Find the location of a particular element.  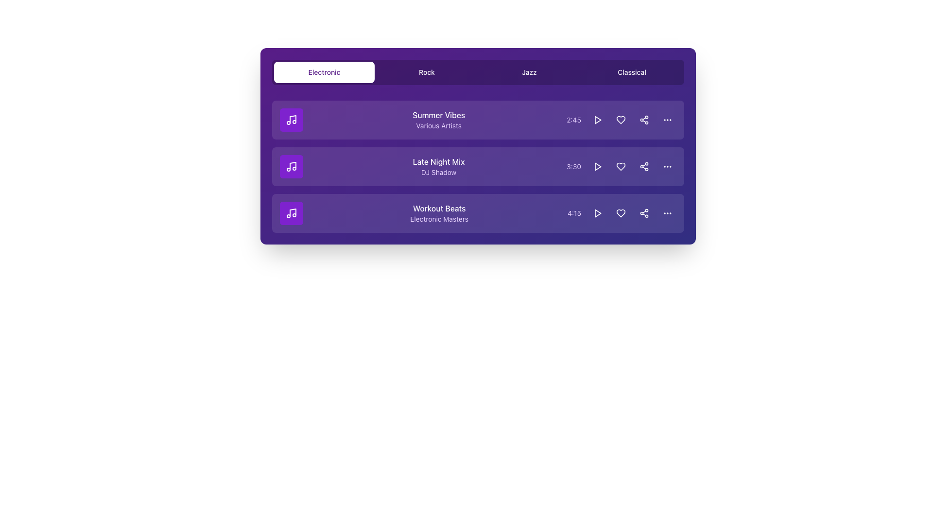

the 'like' or 'favorite' button located in the bottom right section of the third row in a list of items is located at coordinates (620, 213).